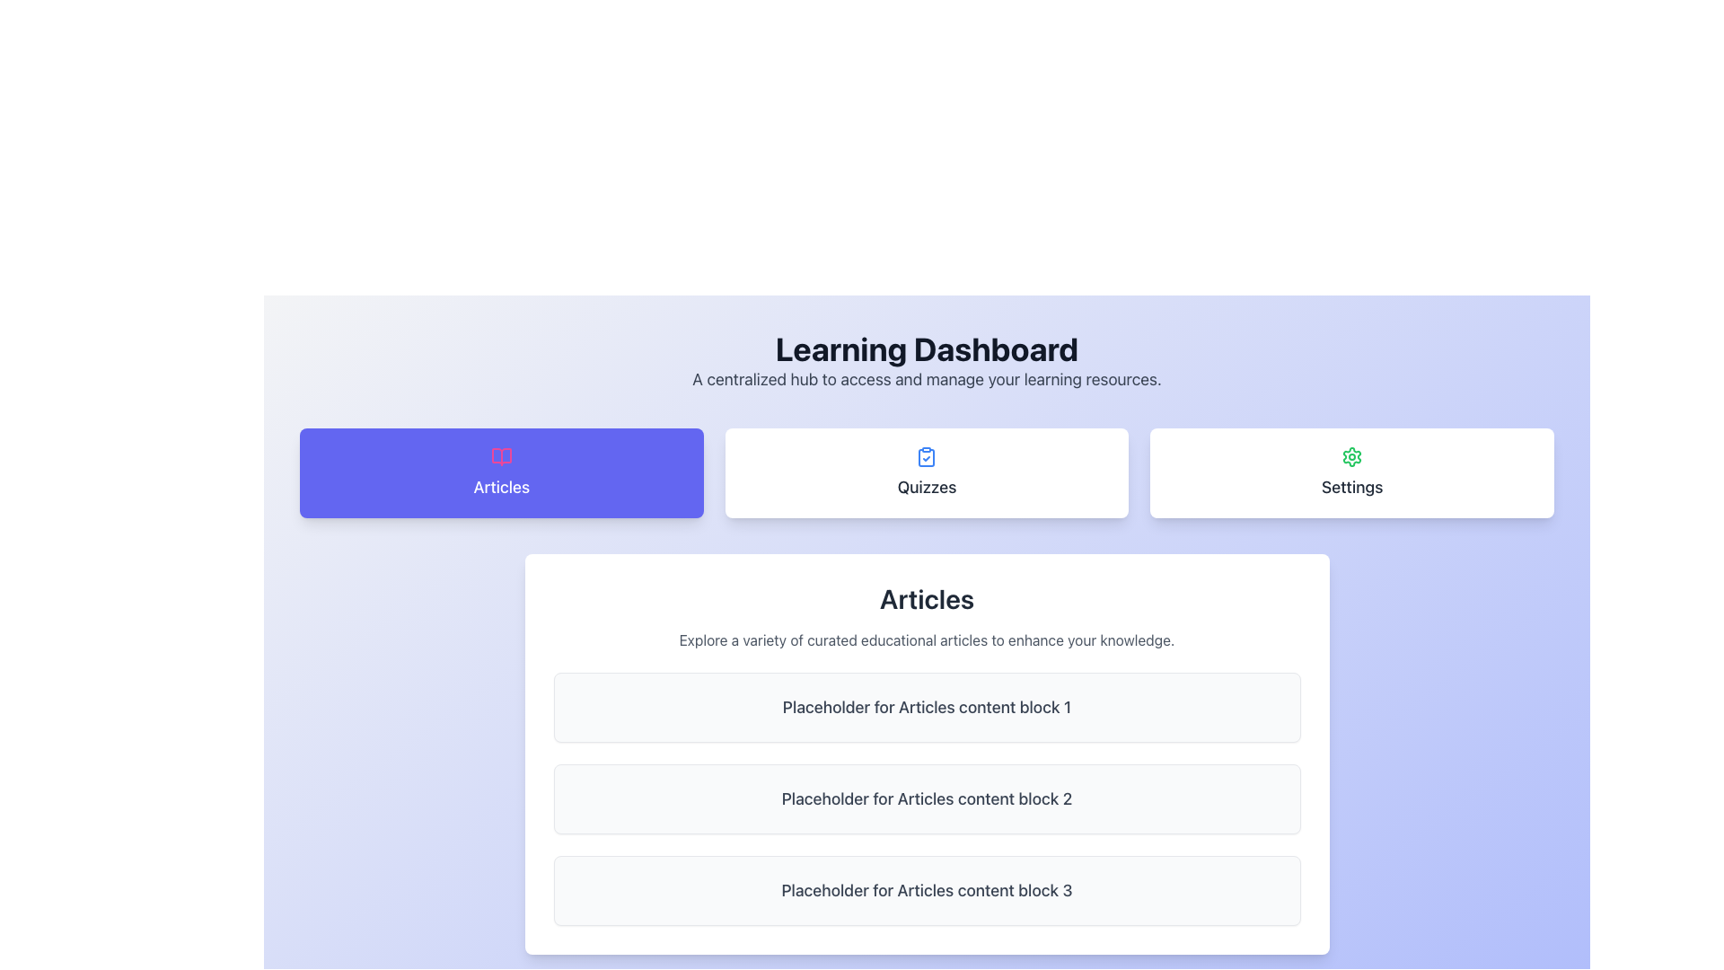 The height and width of the screenshot is (970, 1724). What do you see at coordinates (927, 349) in the screenshot?
I see `the 'Learning Dashboard' text header element, which identifies the application section at the top center of the interface layout` at bounding box center [927, 349].